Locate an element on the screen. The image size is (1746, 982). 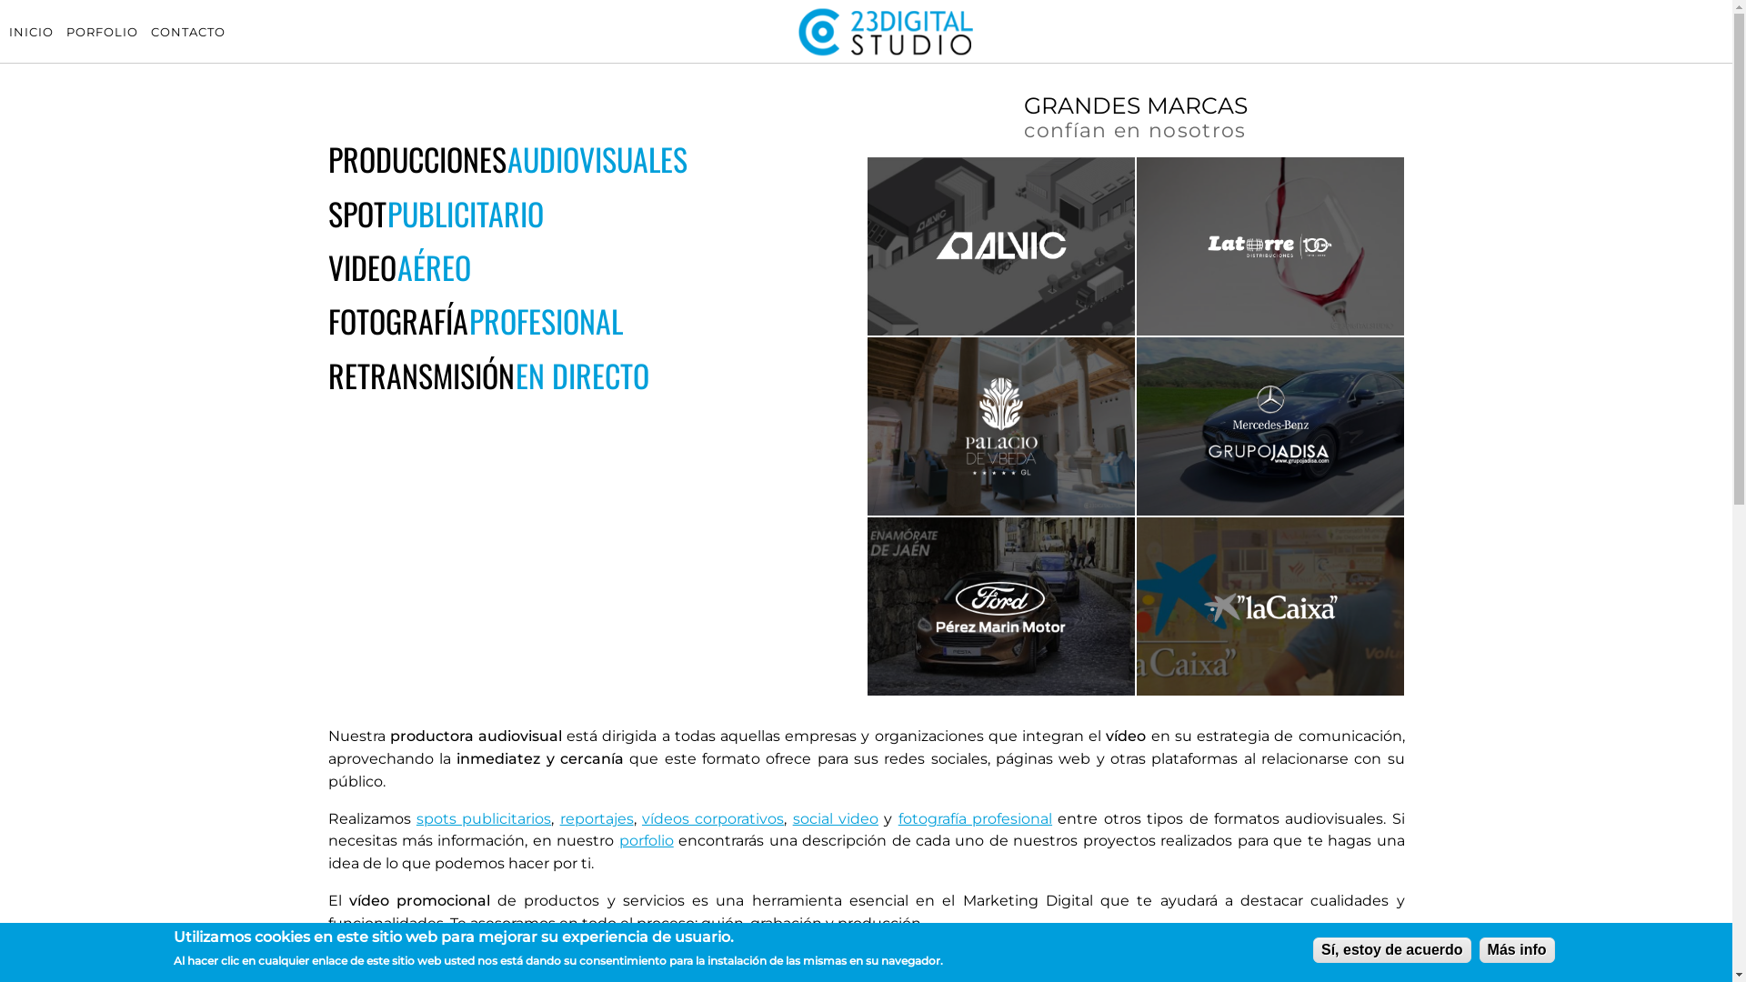
'social video' is located at coordinates (834, 818).